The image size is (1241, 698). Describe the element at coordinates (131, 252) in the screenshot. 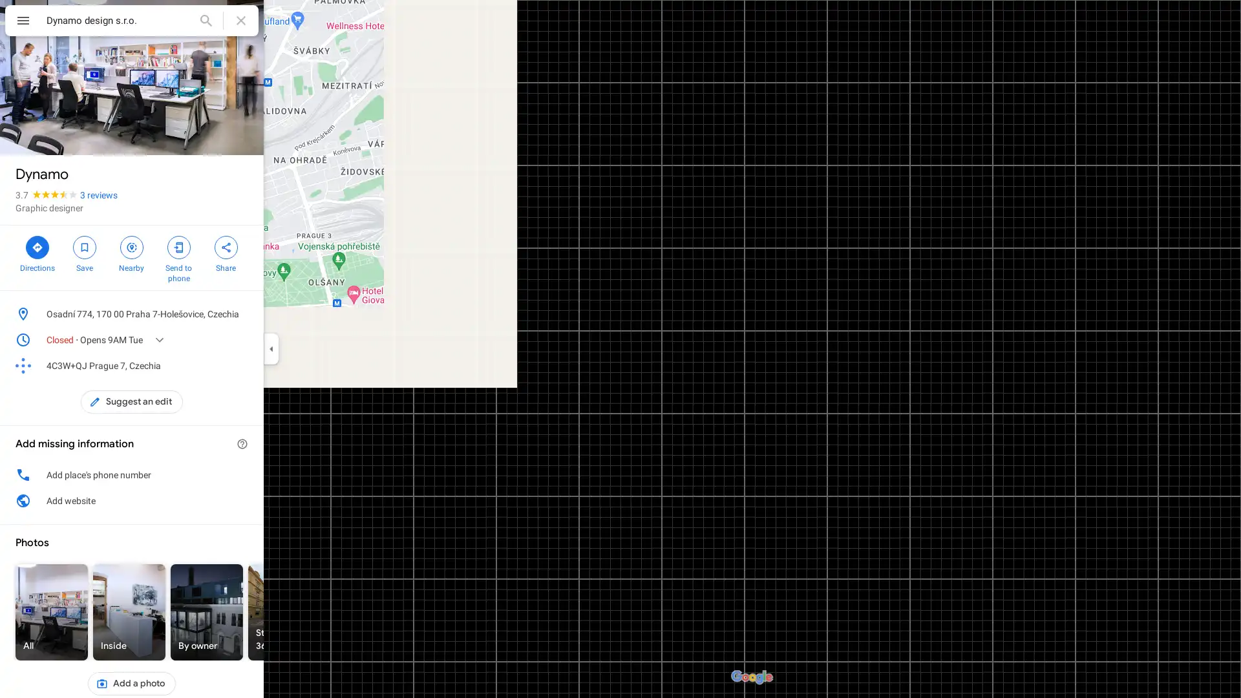

I see `Search nearby Dynamo` at that location.